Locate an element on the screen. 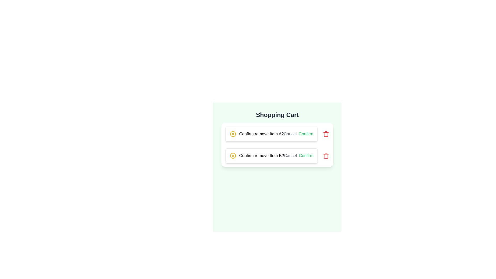  the interactive card that prompts 'Confirm remove Item B?' which includes 'Cancel' and 'Confirm' buttons, located in the lower half of the shopping cart layout is located at coordinates (277, 155).